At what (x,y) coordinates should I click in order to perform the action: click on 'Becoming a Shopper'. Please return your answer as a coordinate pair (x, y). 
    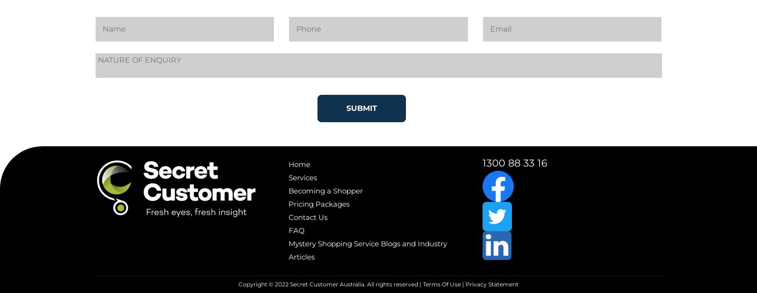
    Looking at the image, I should click on (326, 190).